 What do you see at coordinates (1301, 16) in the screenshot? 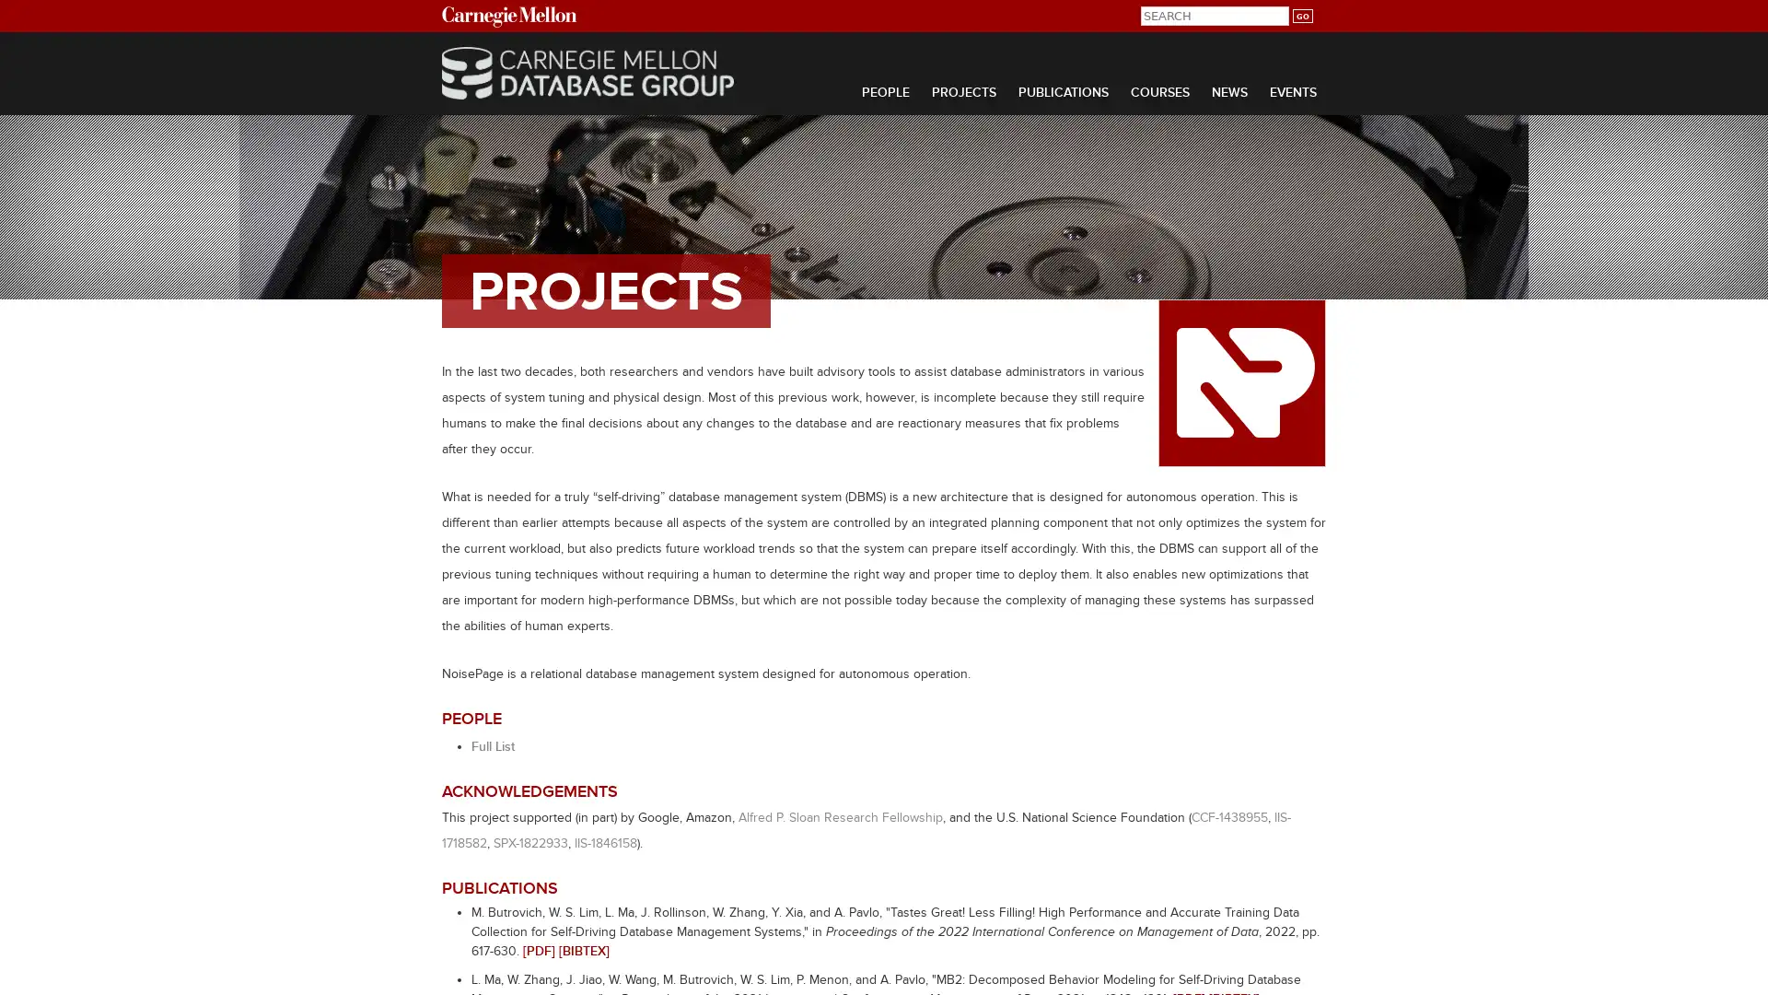
I see `Go` at bounding box center [1301, 16].